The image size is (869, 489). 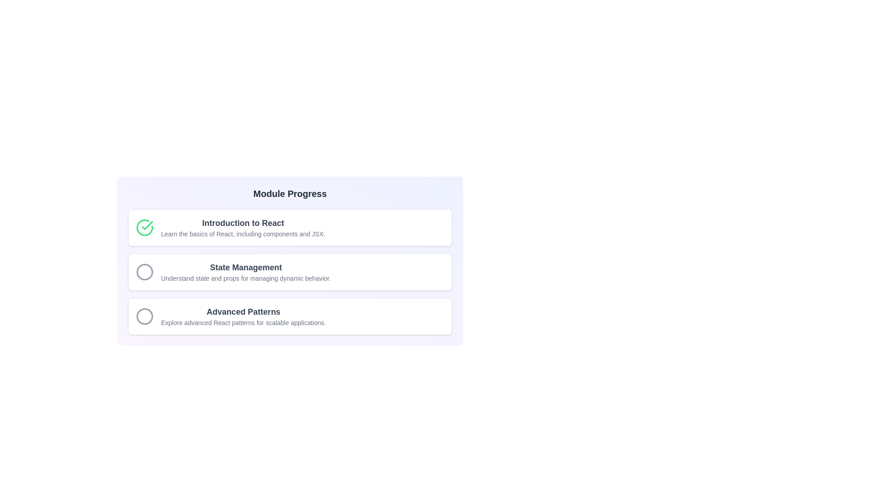 I want to click on the first informational text block under the 'Module Progress' heading, which provides a module descriptor with a title and brief explanation, indicated by its position directly below the heading and to the right of a green checkmark icon, so click(x=243, y=227).